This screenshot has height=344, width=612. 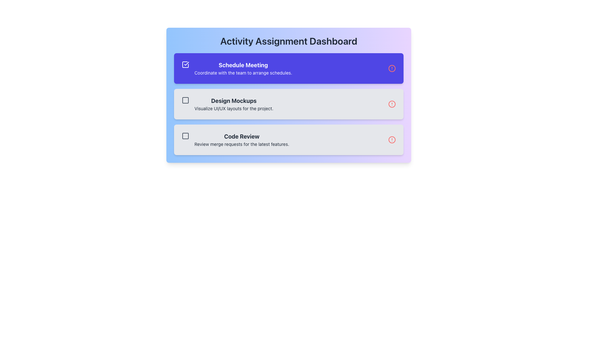 What do you see at coordinates (243, 68) in the screenshot?
I see `the 'Schedule Meeting' text block, which features a bold title and a subtitle within a purple rectangular section, located at the top of the 'Activity Assignment Dashboard'` at bounding box center [243, 68].